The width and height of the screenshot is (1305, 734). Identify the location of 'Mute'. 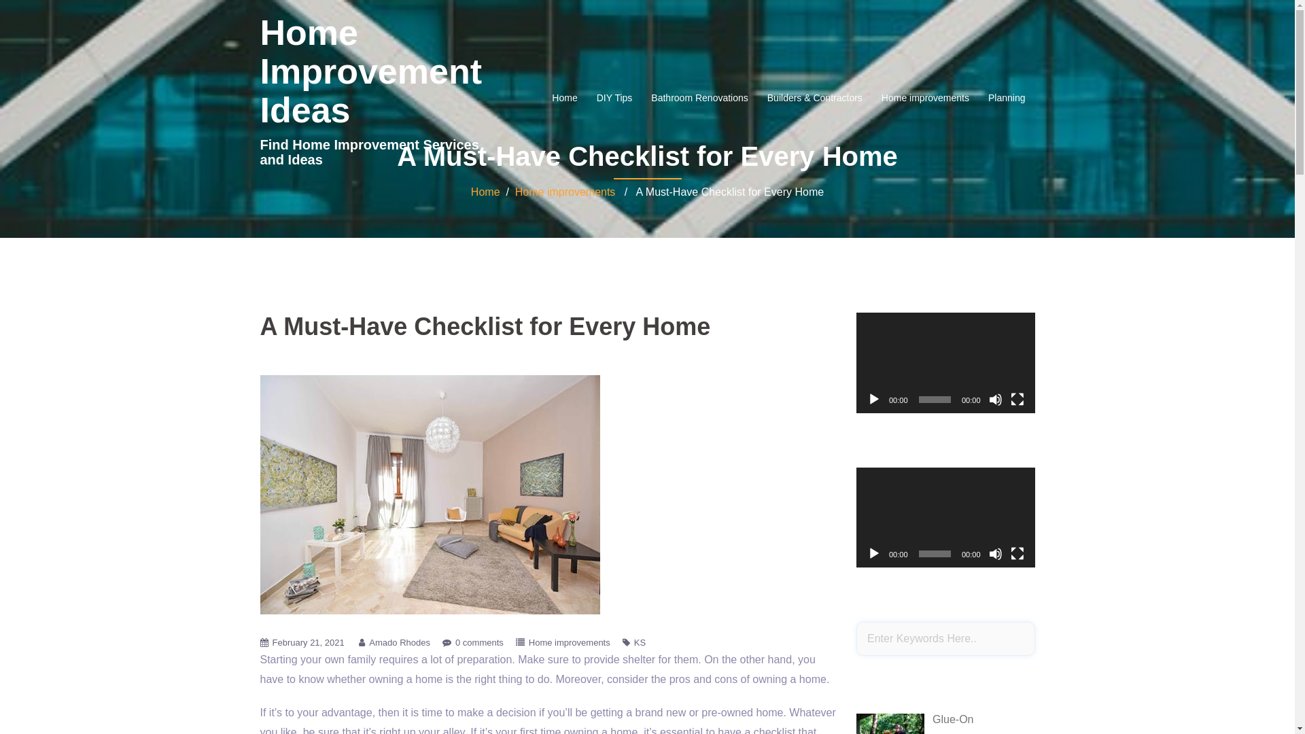
(995, 553).